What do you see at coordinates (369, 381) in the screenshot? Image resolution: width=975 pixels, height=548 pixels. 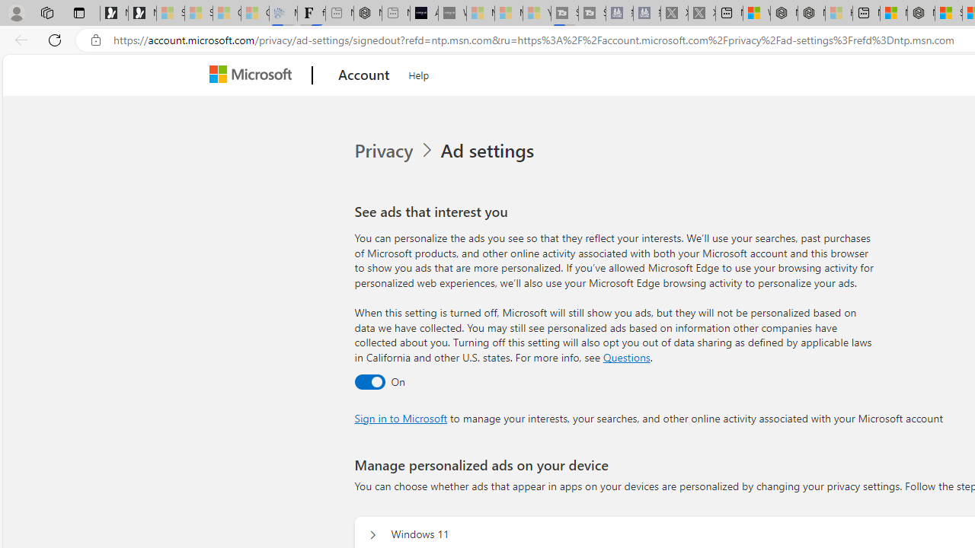 I see `'Ad settings toggle'` at bounding box center [369, 381].